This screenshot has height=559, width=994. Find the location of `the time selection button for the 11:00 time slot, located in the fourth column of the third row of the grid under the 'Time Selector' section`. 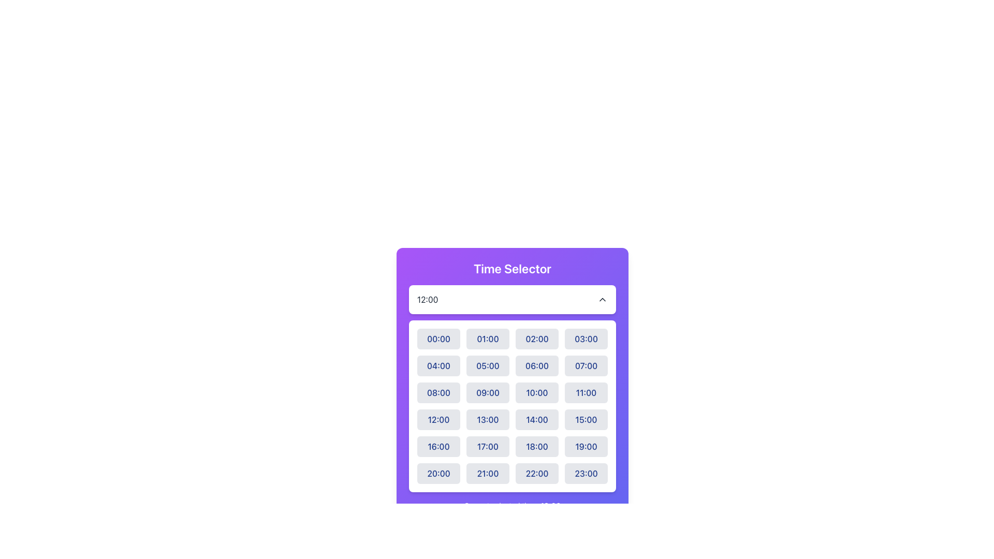

the time selection button for the 11:00 time slot, located in the fourth column of the third row of the grid under the 'Time Selector' section is located at coordinates (586, 393).